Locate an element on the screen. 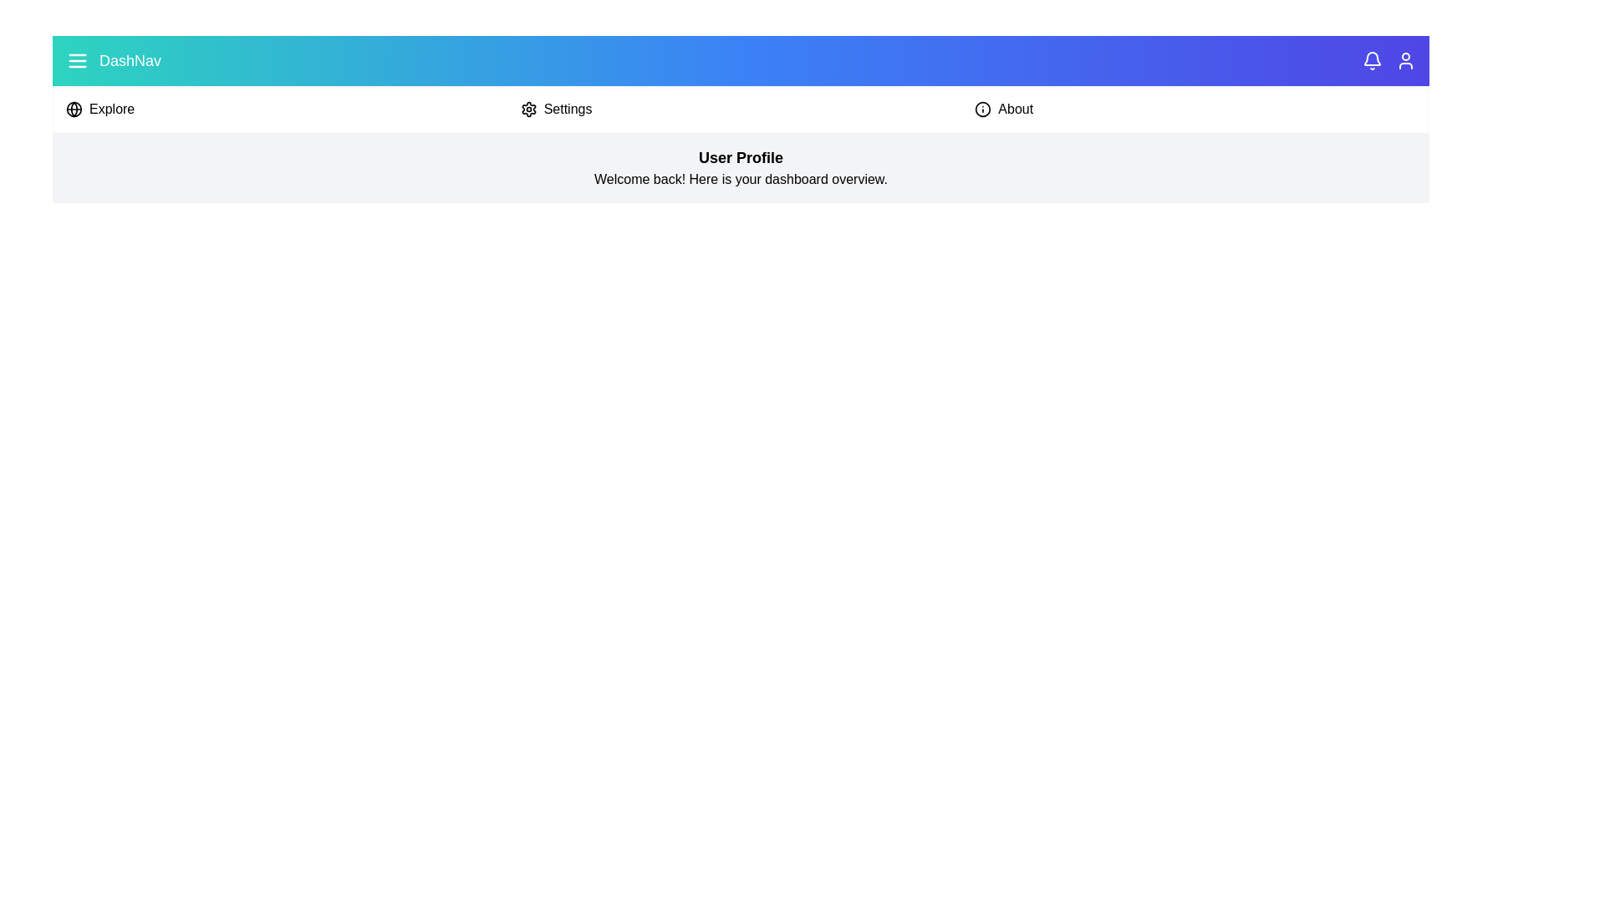  the notification icon to view alerts is located at coordinates (1372, 60).